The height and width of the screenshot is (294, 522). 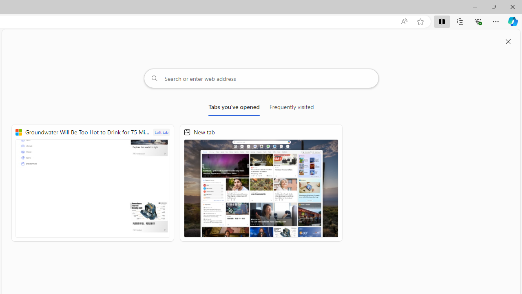 What do you see at coordinates (513, 21) in the screenshot?
I see `'Copilot (Ctrl+Shift+.)'` at bounding box center [513, 21].